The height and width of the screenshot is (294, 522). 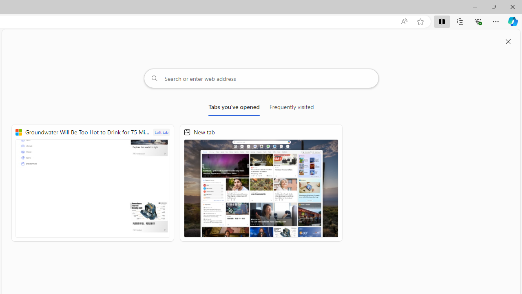 What do you see at coordinates (513, 21) in the screenshot?
I see `'Copilot (Ctrl+Shift+.)'` at bounding box center [513, 21].